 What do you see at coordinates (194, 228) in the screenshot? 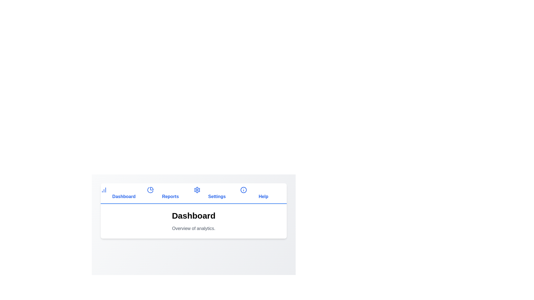
I see `the text label displaying 'Overview of analytics.' positioned below the title 'Dashboard.'` at bounding box center [194, 228].